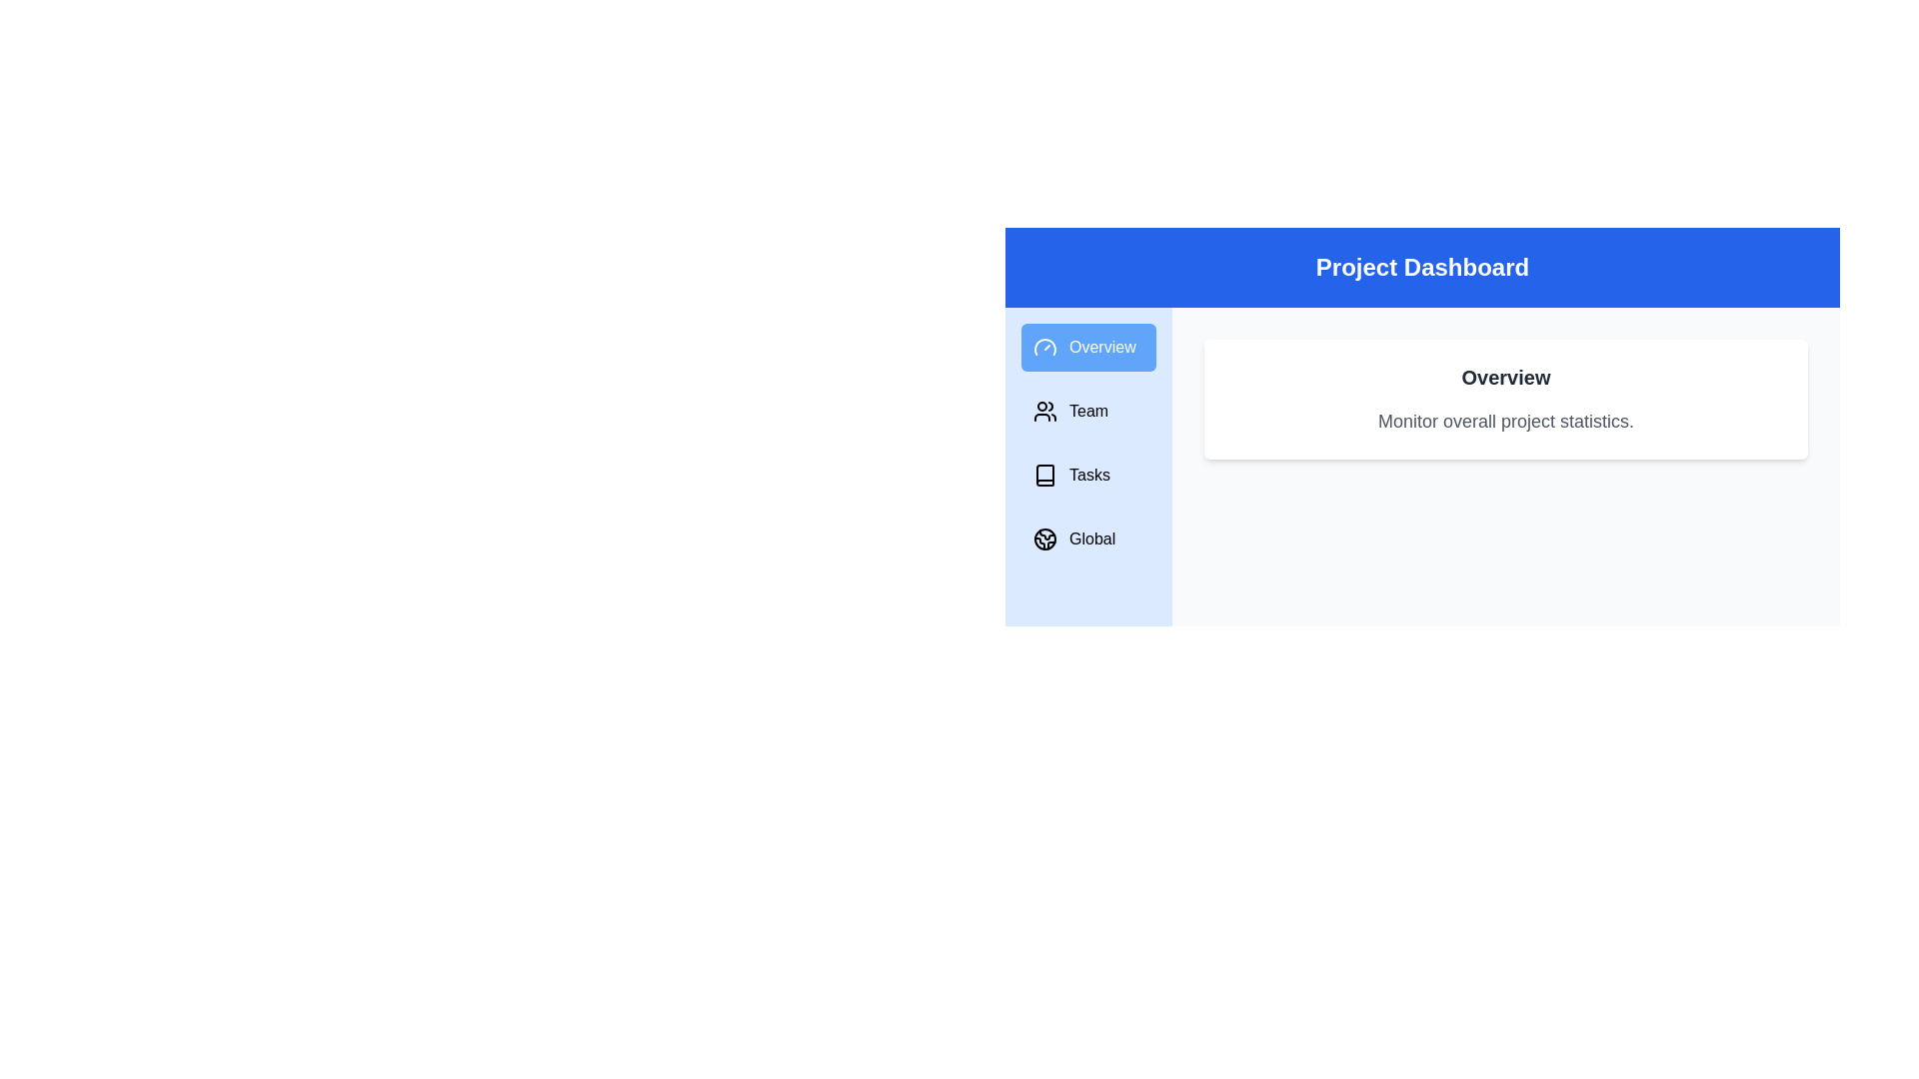 Image resolution: width=1919 pixels, height=1079 pixels. What do you see at coordinates (1087, 539) in the screenshot?
I see `the Global tab in the sidebar navigation menu` at bounding box center [1087, 539].